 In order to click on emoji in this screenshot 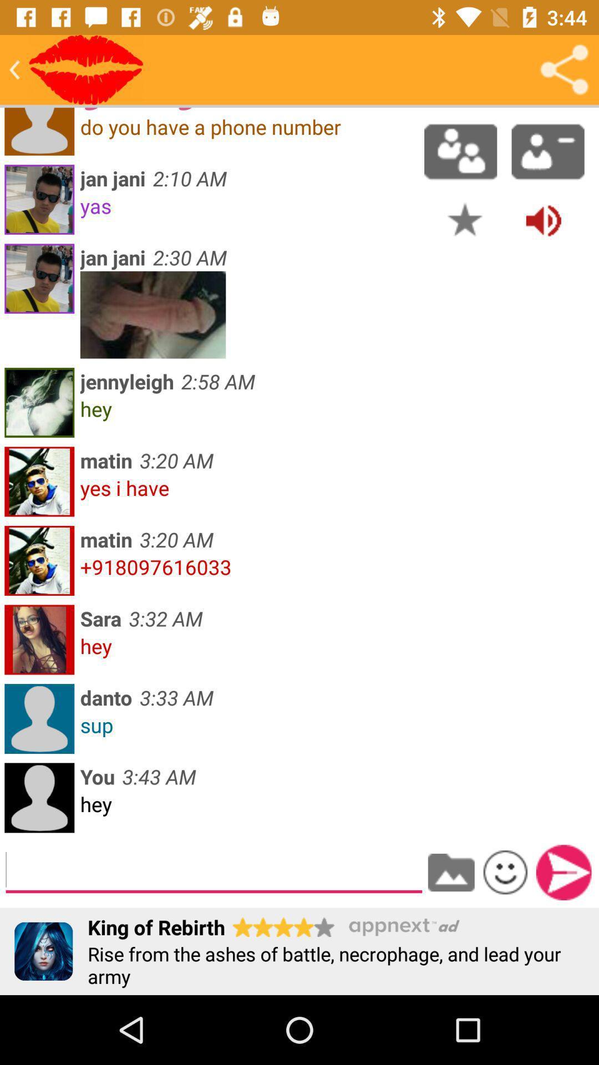, I will do `click(505, 871)`.